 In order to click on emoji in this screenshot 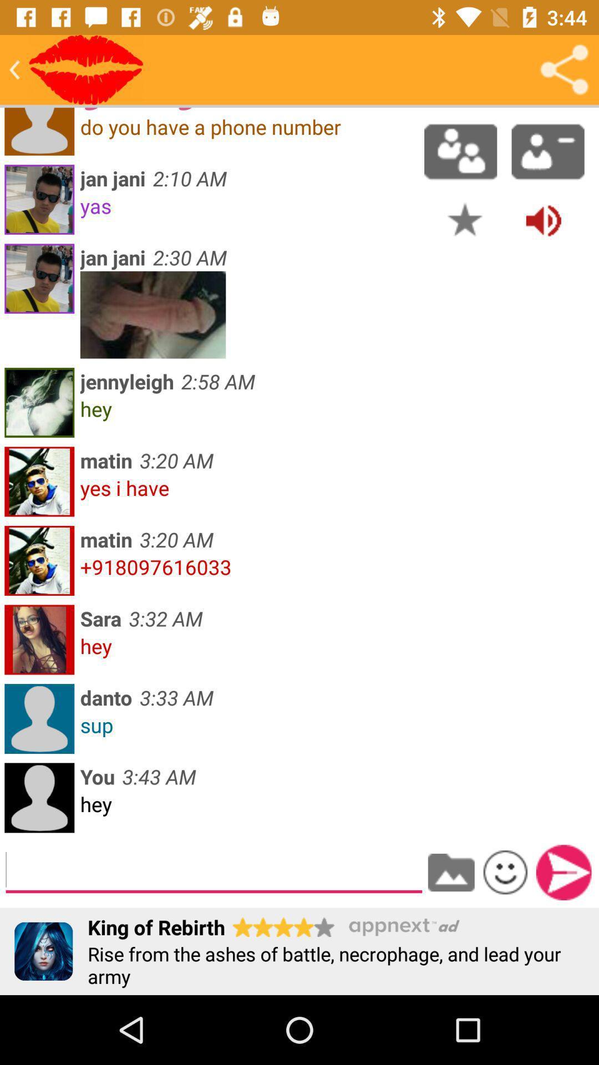, I will do `click(505, 871)`.